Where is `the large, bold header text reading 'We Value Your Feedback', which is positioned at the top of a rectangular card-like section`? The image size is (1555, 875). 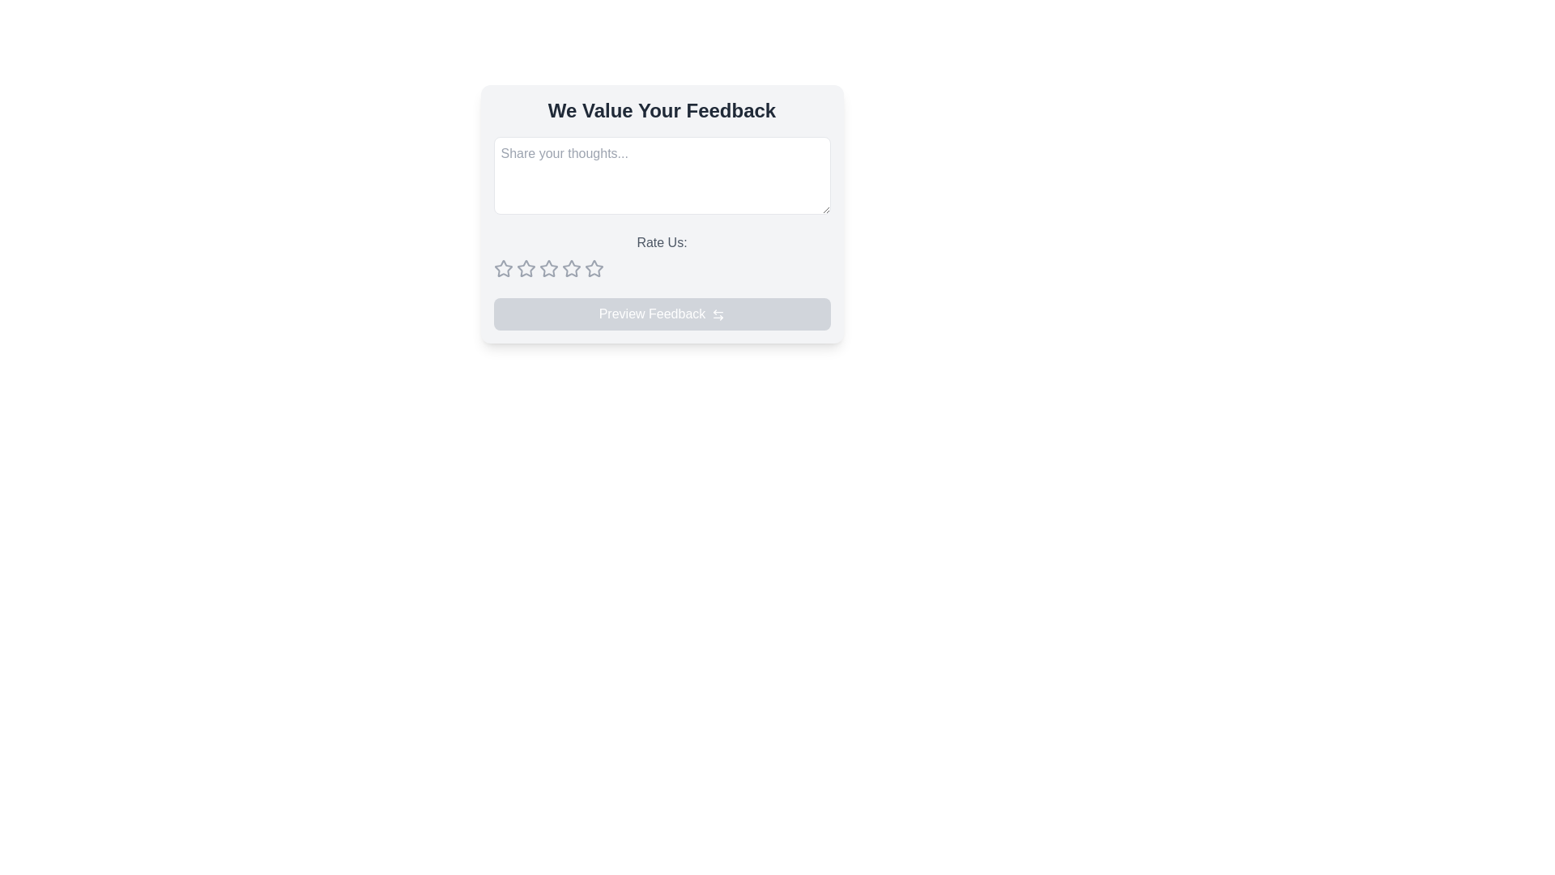
the large, bold header text reading 'We Value Your Feedback', which is positioned at the top of a rectangular card-like section is located at coordinates (662, 110).